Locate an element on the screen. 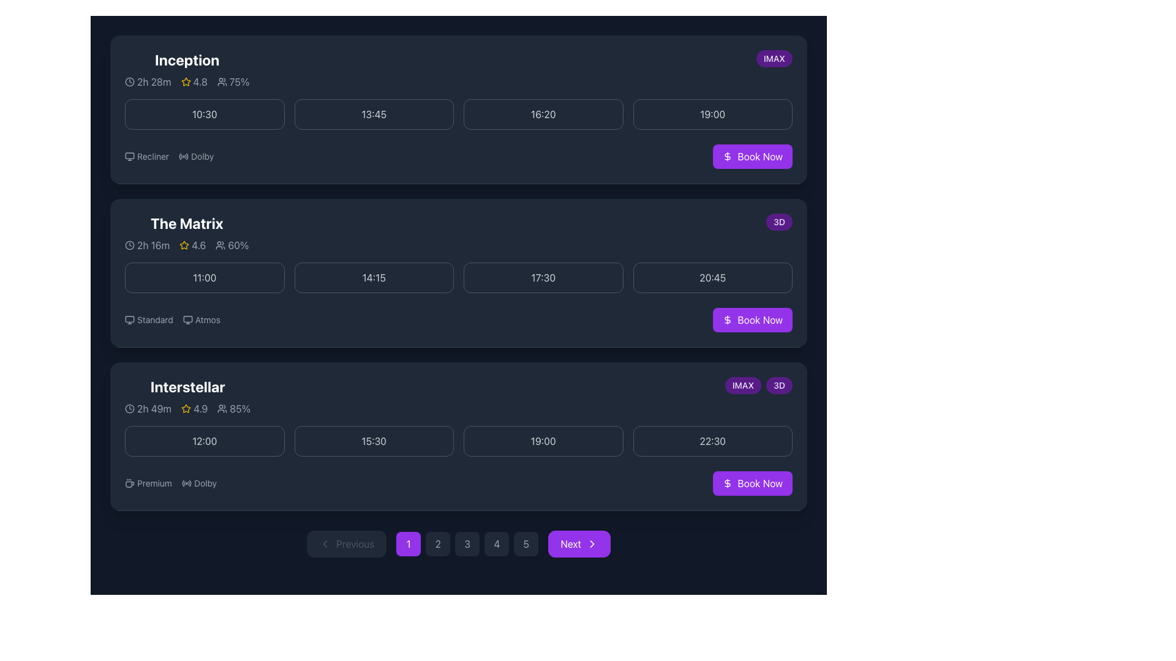 This screenshot has width=1176, height=661. the purple square button with a white '1' on it is located at coordinates (409, 543).